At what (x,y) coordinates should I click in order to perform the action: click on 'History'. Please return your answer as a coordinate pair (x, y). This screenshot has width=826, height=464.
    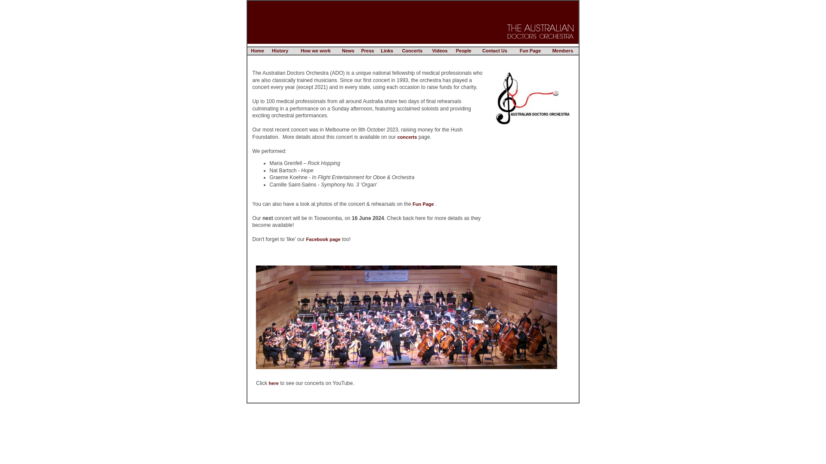
    Looking at the image, I should click on (280, 51).